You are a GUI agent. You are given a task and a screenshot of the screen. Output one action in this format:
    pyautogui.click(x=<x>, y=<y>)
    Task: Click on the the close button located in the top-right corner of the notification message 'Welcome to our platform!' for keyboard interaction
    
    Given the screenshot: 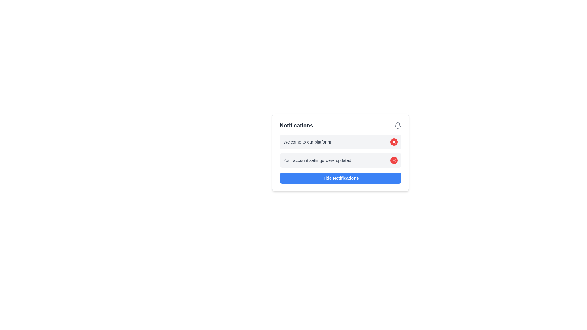 What is the action you would take?
    pyautogui.click(x=394, y=142)
    